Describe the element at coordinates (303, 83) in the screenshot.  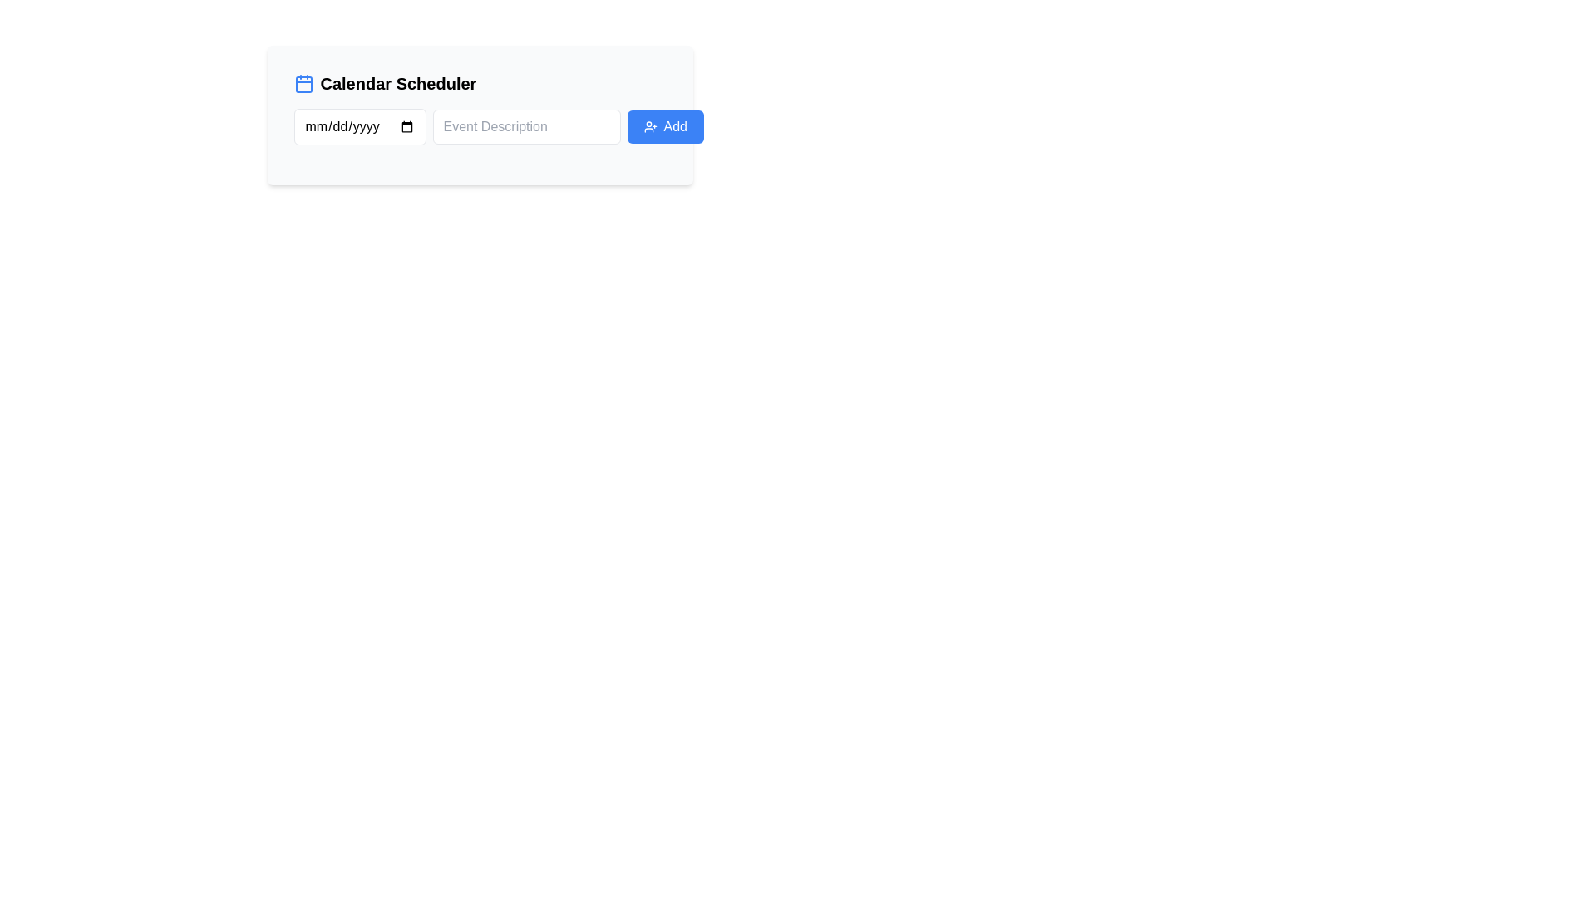
I see `the blue calendar icon located to the left of the 'Calendar Scheduler' text in the top section of the interface` at that location.